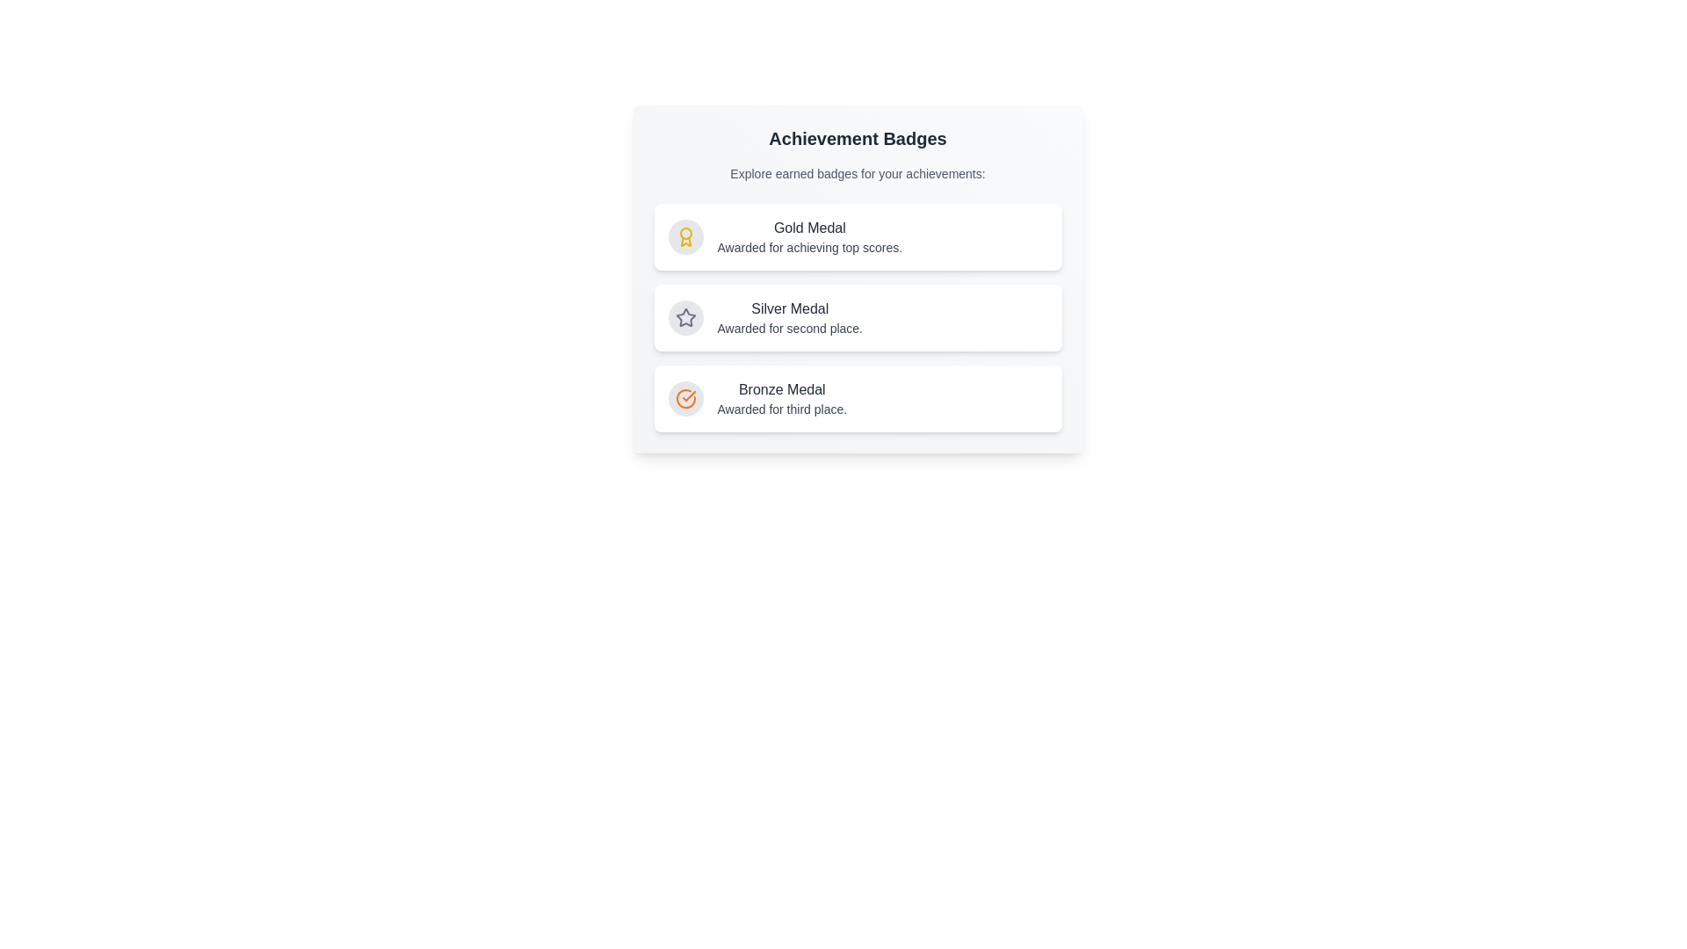 Image resolution: width=1687 pixels, height=949 pixels. Describe the element at coordinates (808, 247) in the screenshot. I see `the text label presented in smaller gray font, located directly beneath the 'Gold Medal' title in the achievement badge categories` at that location.